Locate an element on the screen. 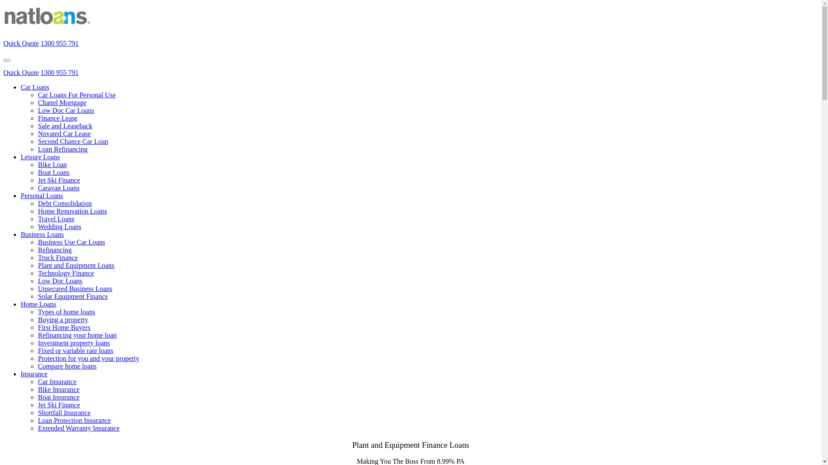 This screenshot has height=465, width=828. 'Loan Protection Insurance' is located at coordinates (74, 420).